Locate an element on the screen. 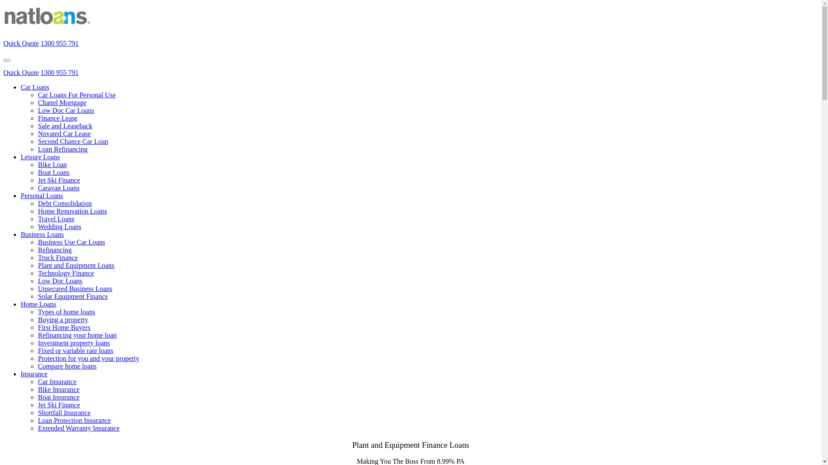 This screenshot has height=465, width=828. 'Loan Protection Insurance' is located at coordinates (74, 420).